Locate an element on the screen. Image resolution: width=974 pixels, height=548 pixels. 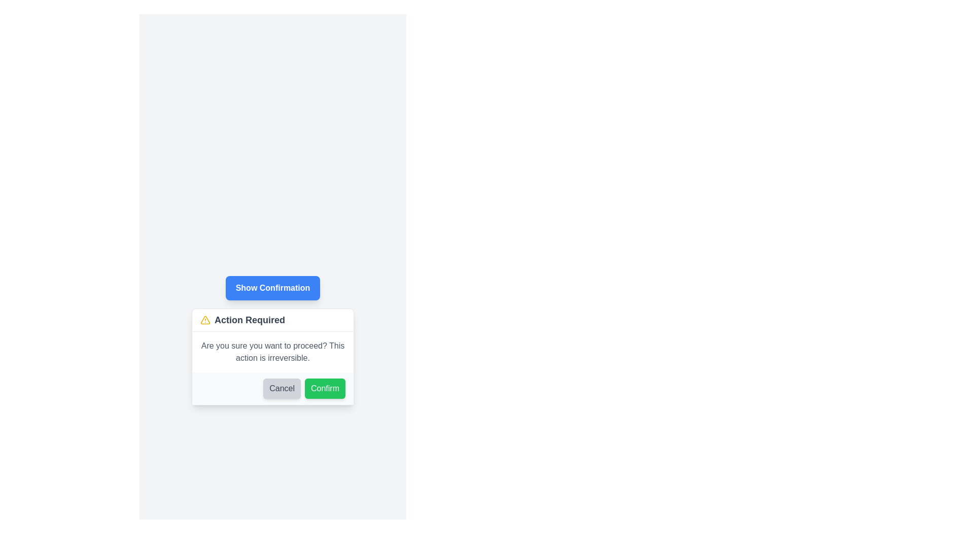
message displayed in the gray text block stating 'Are you sure you want to proceed? This action is irreversible.' located in the middle section of the modal dialog box under the heading 'Action Required' is located at coordinates (272, 352).